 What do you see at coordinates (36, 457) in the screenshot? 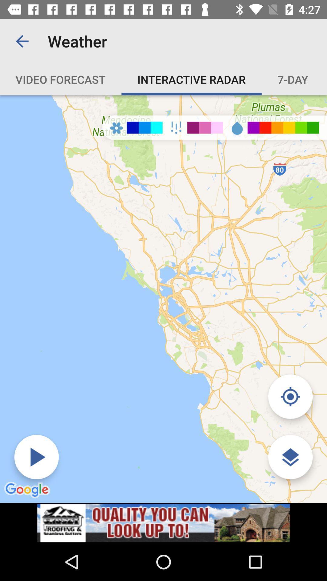
I see `the play icon` at bounding box center [36, 457].